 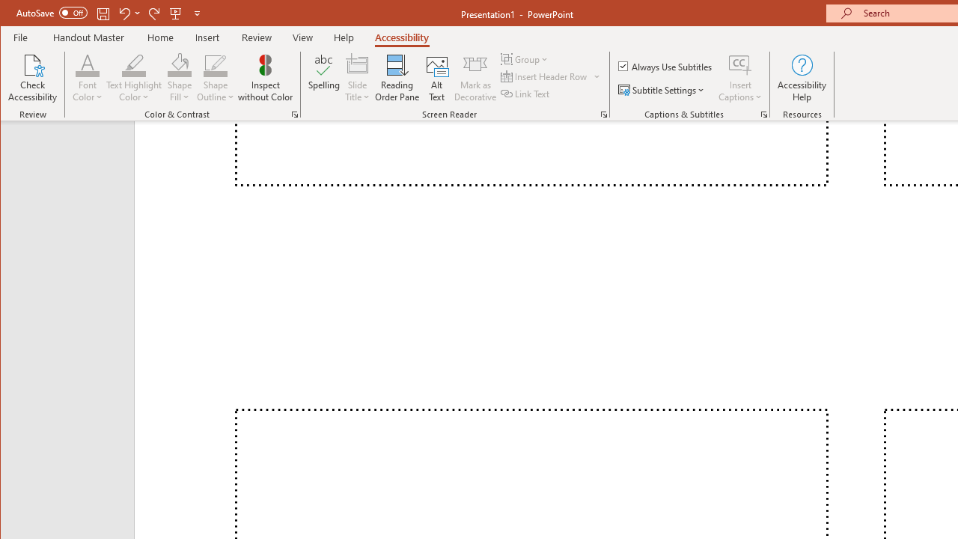 I want to click on 'Accessibility Help', so click(x=802, y=78).